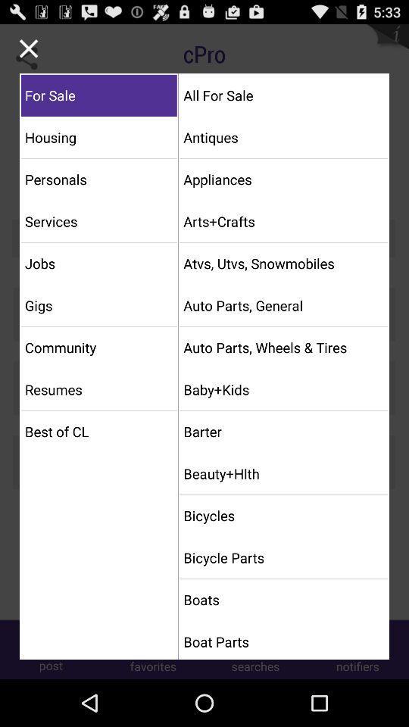 The image size is (409, 727). I want to click on icon above beauty+hlth item, so click(283, 432).